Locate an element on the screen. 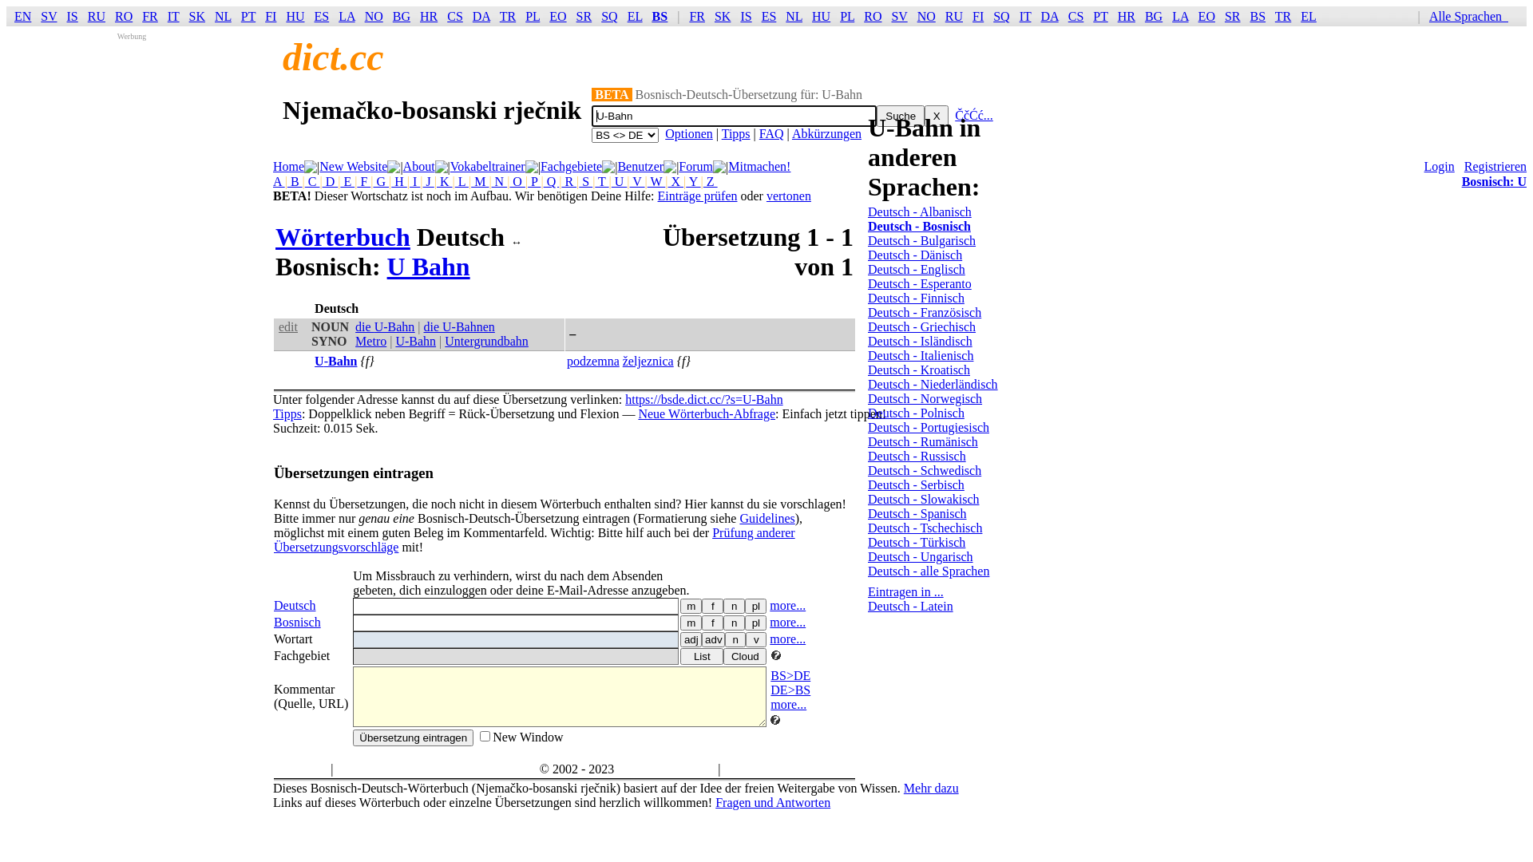  'Deutsch - Bosnisch' is located at coordinates (866, 226).